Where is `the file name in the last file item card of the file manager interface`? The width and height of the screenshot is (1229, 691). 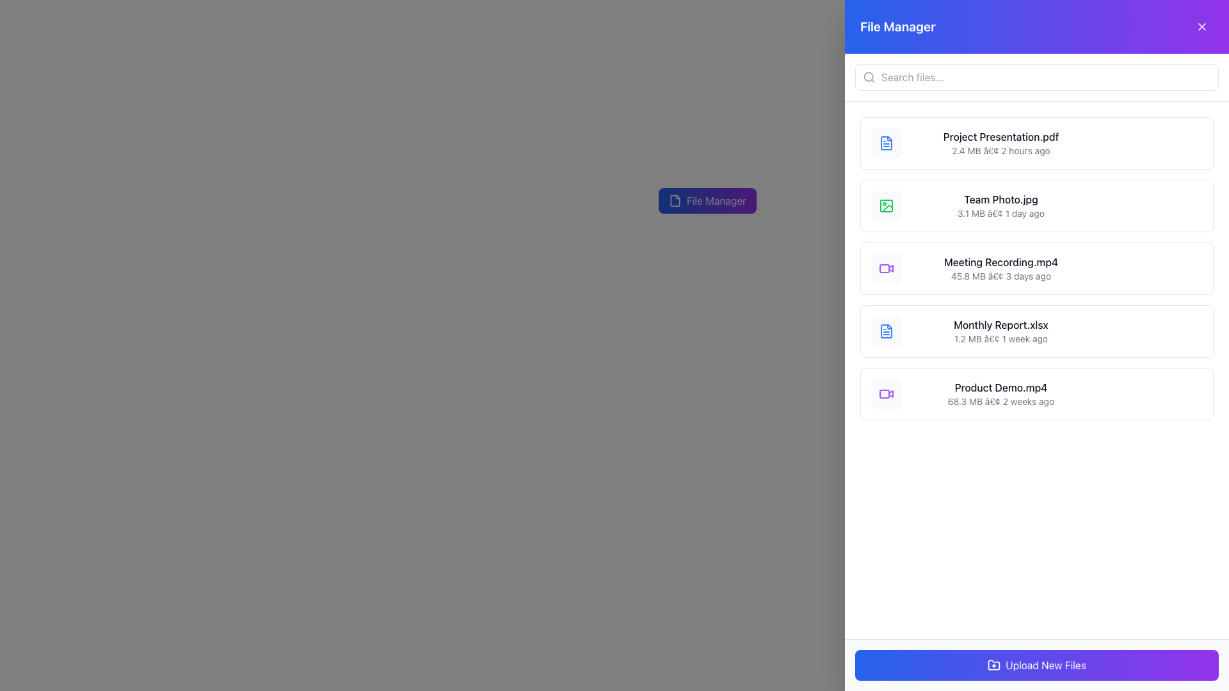 the file name in the last file item card of the file manager interface is located at coordinates (1037, 393).